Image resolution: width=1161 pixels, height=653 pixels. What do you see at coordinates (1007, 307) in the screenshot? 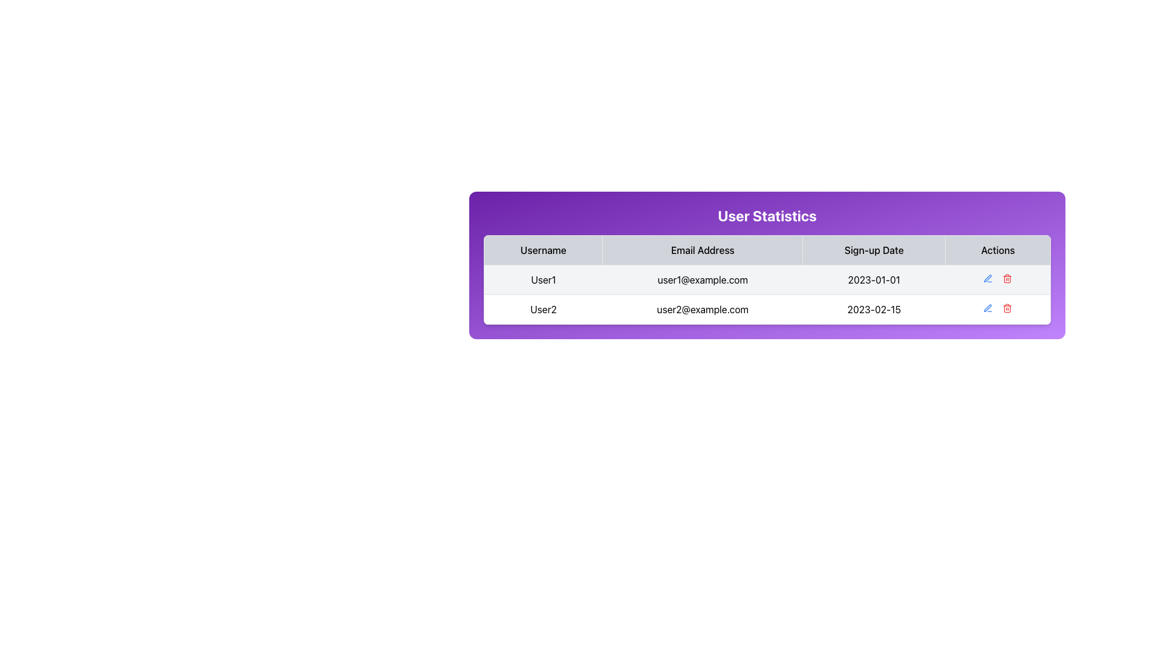
I see `the delete icon button in the Actions column of the second row` at bounding box center [1007, 307].